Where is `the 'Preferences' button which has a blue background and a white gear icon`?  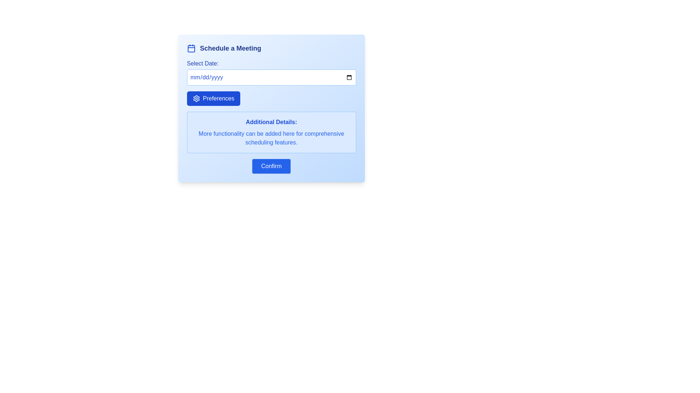
the 'Preferences' button which has a blue background and a white gear icon is located at coordinates (213, 98).